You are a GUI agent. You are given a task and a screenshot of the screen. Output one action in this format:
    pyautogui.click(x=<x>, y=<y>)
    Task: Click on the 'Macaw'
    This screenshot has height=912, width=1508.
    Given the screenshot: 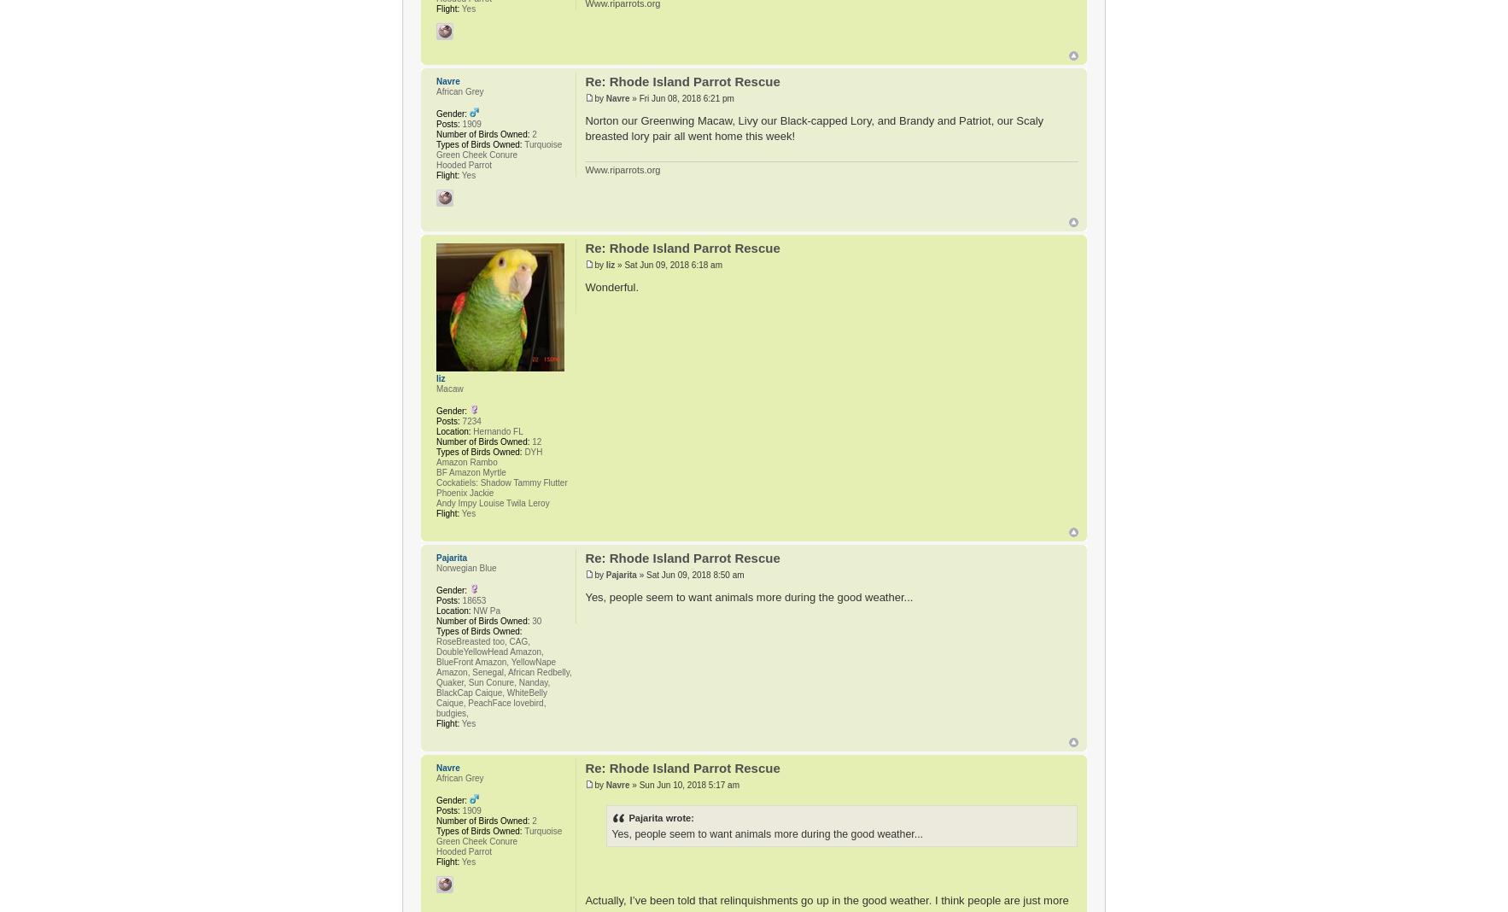 What is the action you would take?
    pyautogui.click(x=449, y=389)
    